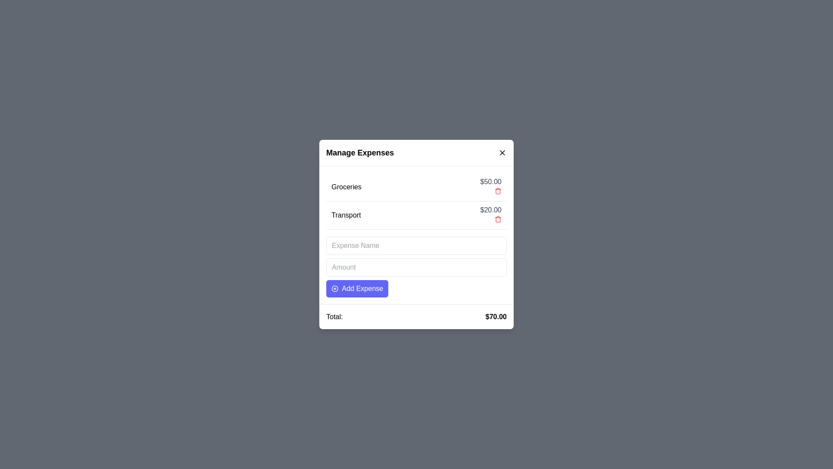 The height and width of the screenshot is (469, 833). Describe the element at coordinates (498, 219) in the screenshot. I see `the red trash bin icon button` at that location.